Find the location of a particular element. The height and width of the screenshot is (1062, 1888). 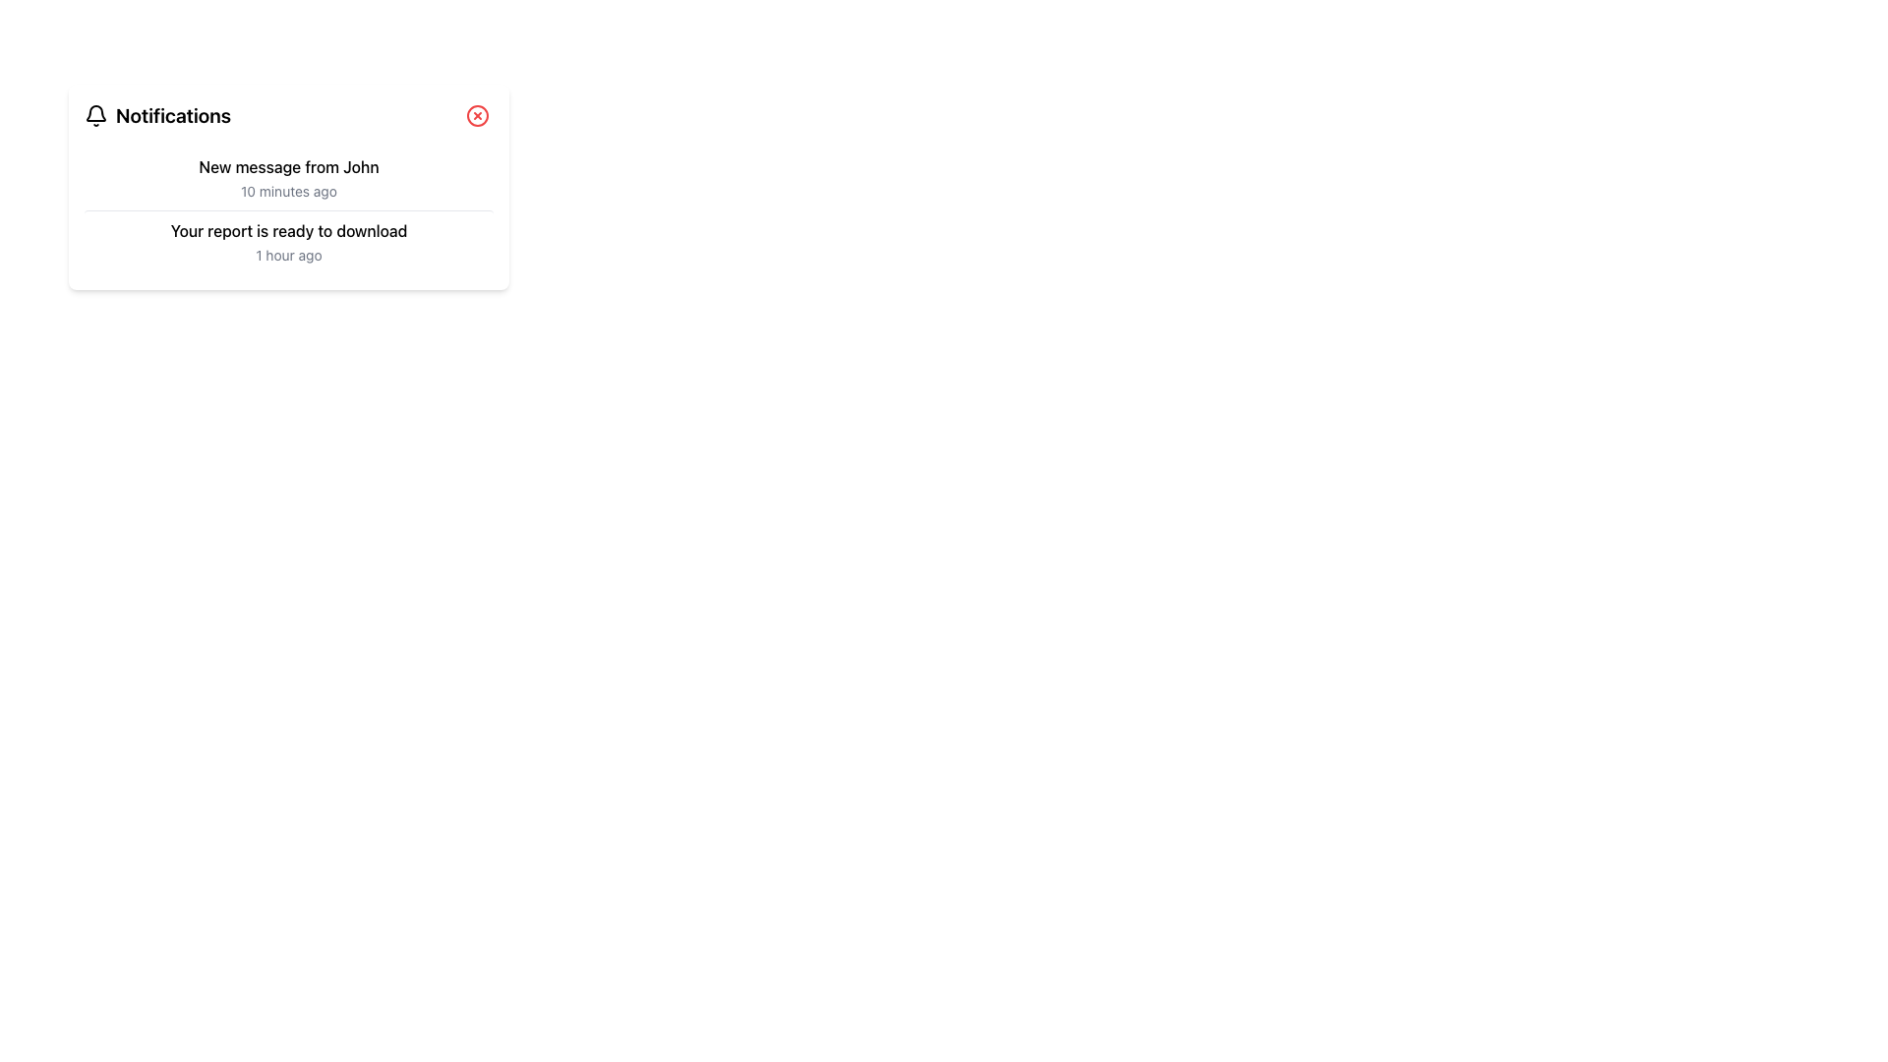

the first notification item displaying the message 'New message from John' with a timestamp '10 minutes ago' is located at coordinates (287, 178).